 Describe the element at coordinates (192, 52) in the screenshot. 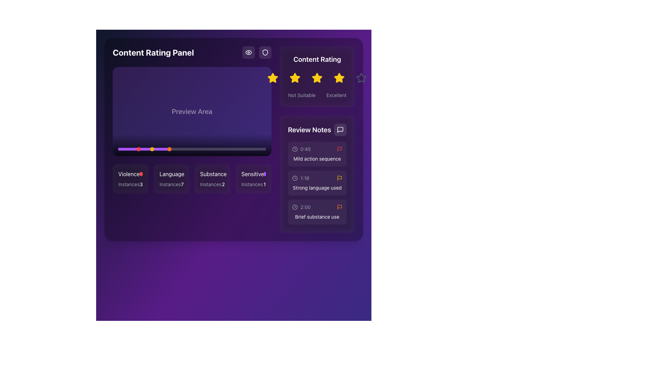

I see `text content of the label that serves as a title or header for the content rating functionalities, located at the left side of the header area` at that location.